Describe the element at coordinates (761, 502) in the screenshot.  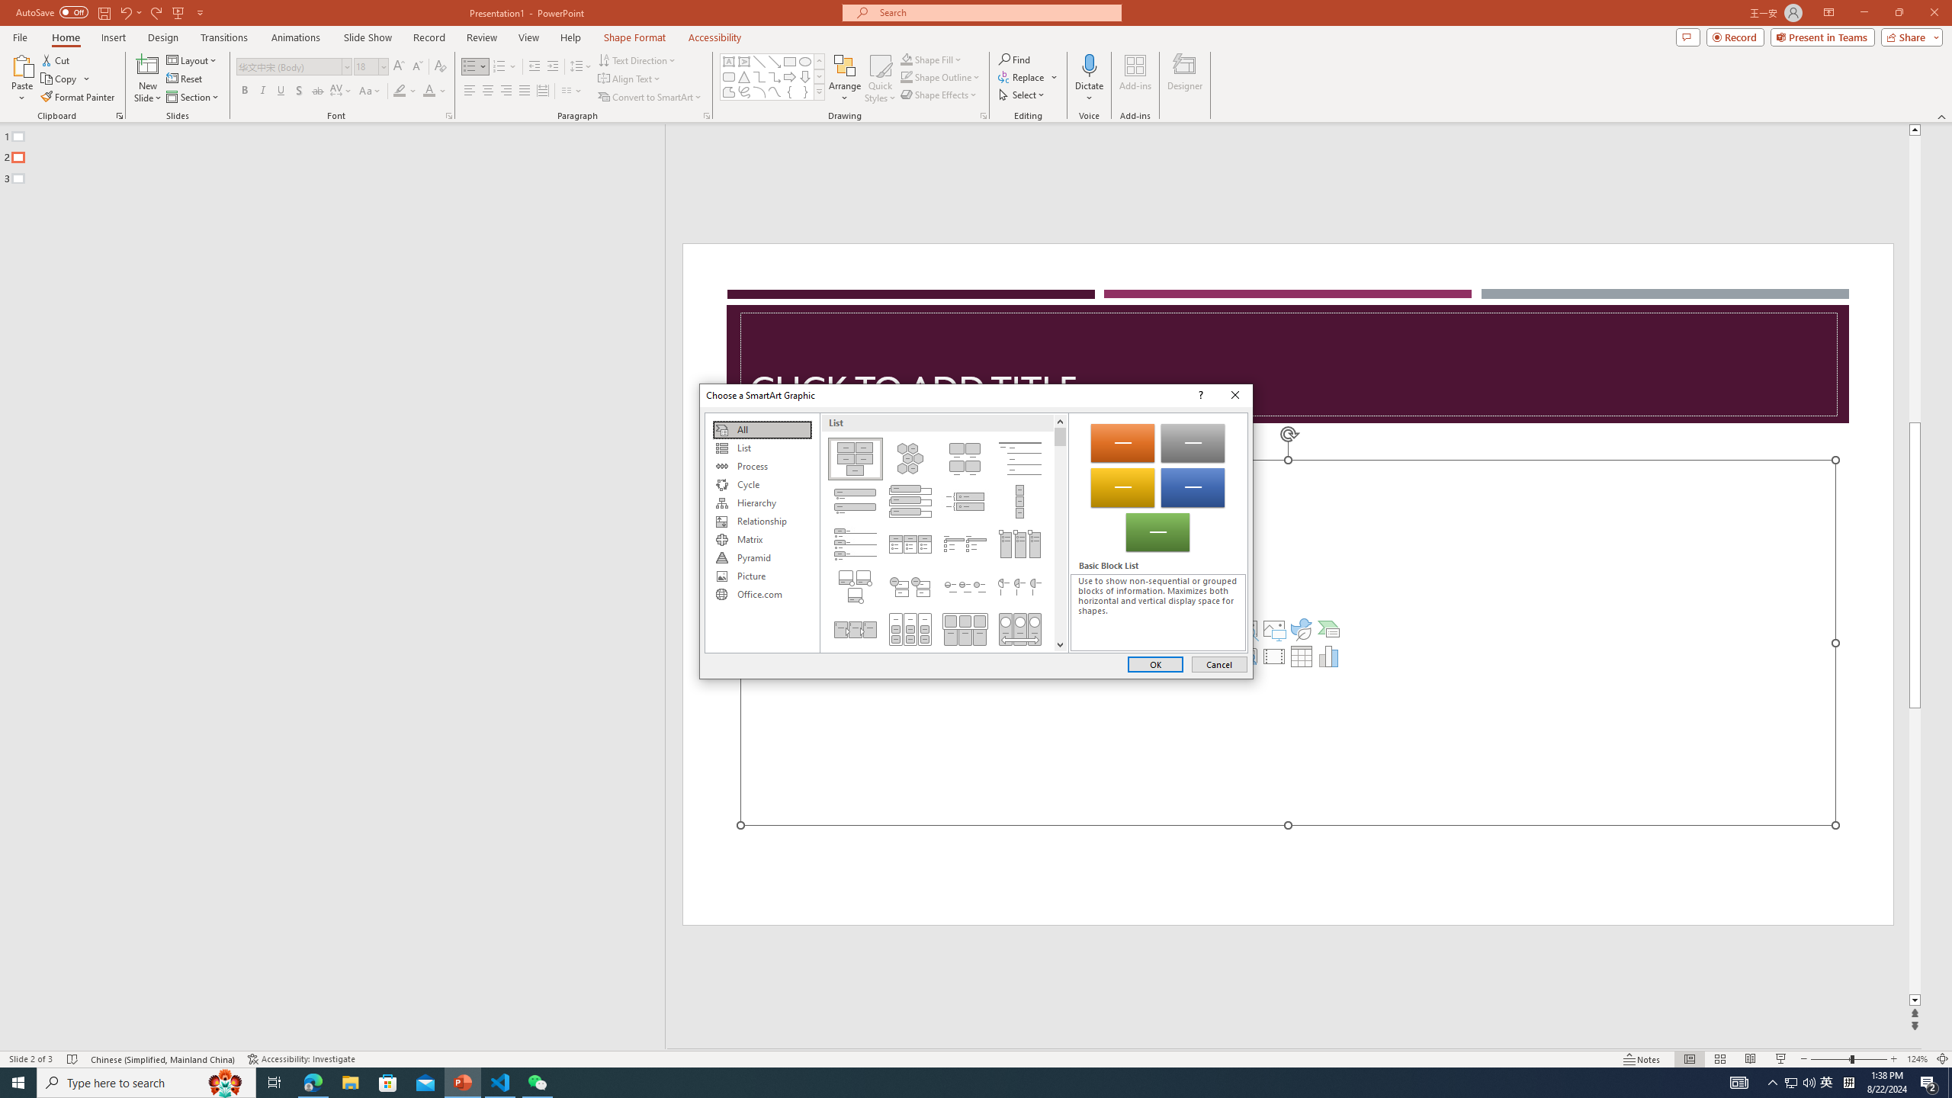
I see `'Hierarchy'` at that location.